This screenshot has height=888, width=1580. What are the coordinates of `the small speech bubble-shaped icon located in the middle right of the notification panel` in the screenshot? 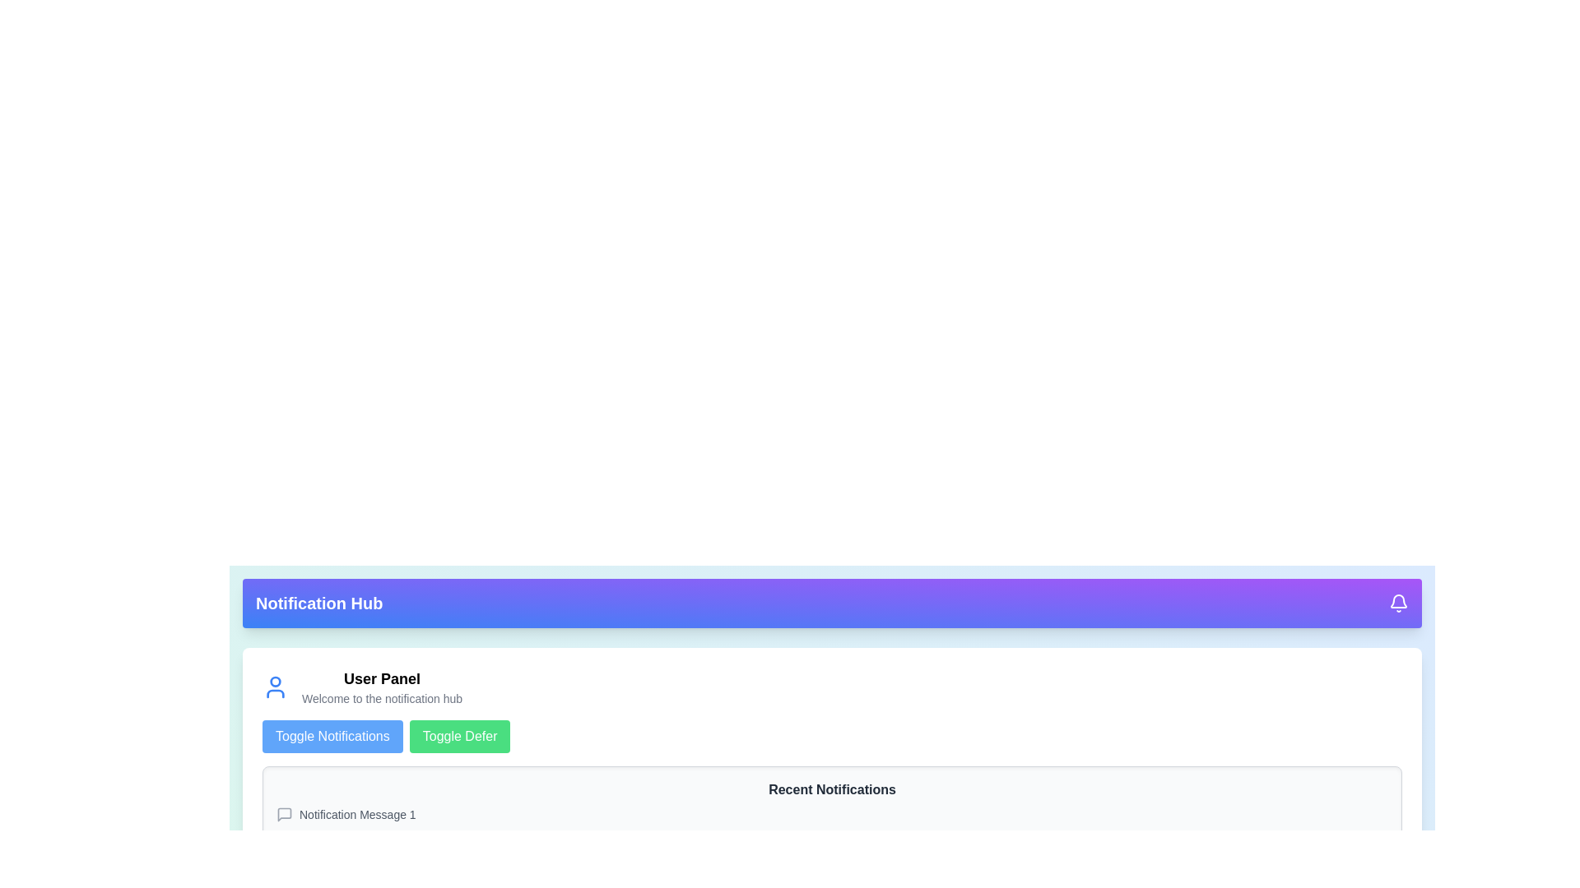 It's located at (284, 815).